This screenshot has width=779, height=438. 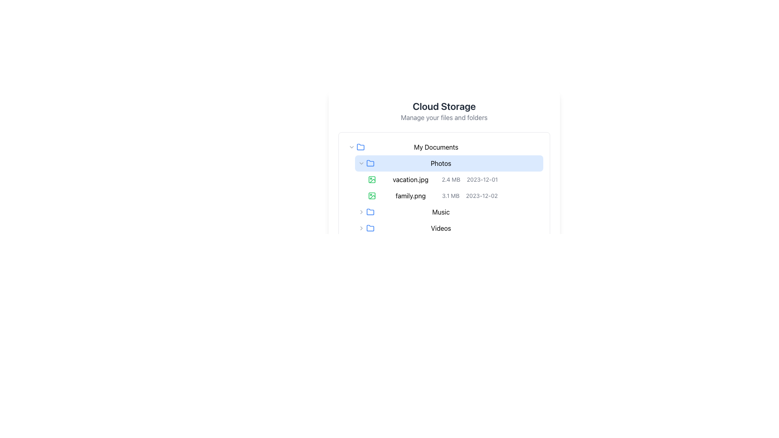 What do you see at coordinates (361, 163) in the screenshot?
I see `the Chevron Icon located to the left of the 'Photos' folder name to toggle its expanded or collapsed state` at bounding box center [361, 163].